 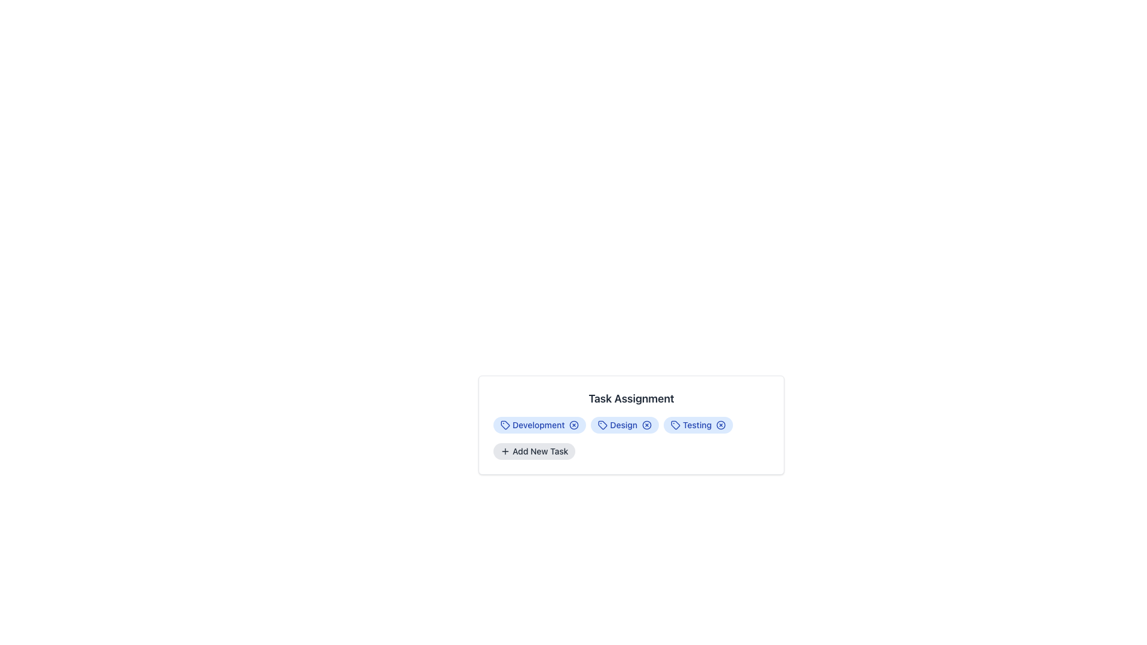 I want to click on the 'X' button of the interactive tag located under the 'Task Assignment' heading, so click(x=630, y=425).